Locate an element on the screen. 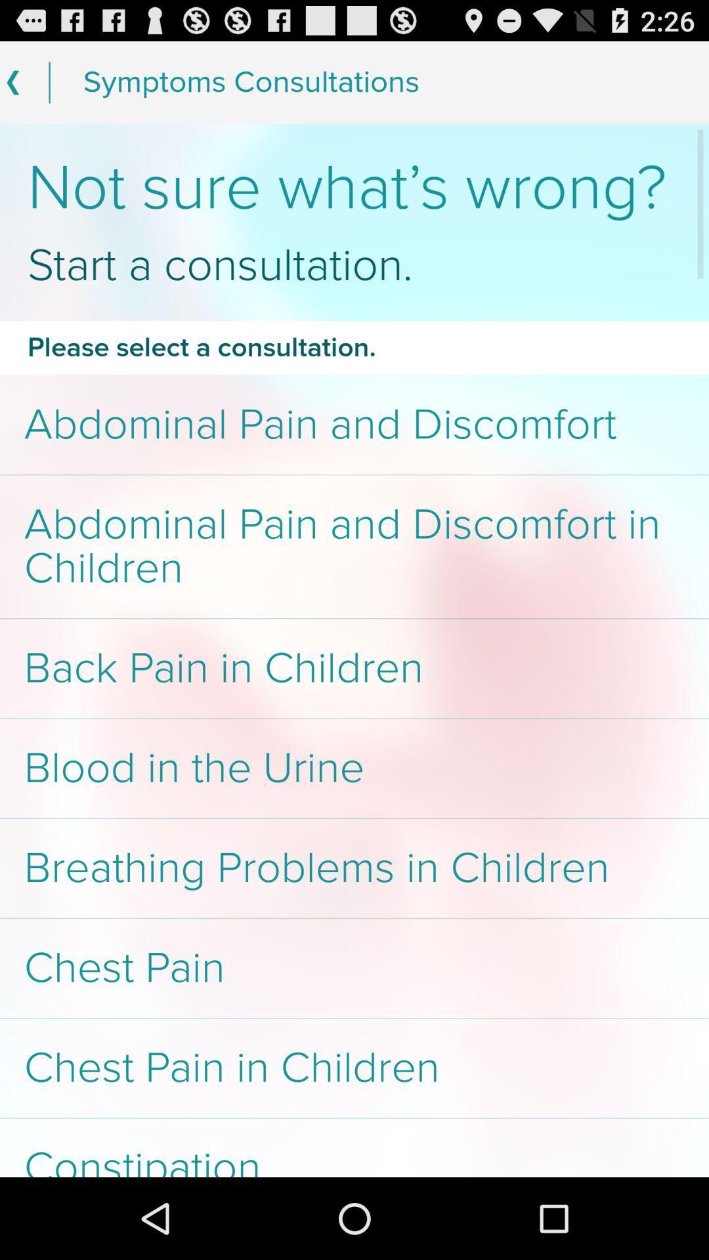  item above the abdominal pain and item is located at coordinates (354, 347).